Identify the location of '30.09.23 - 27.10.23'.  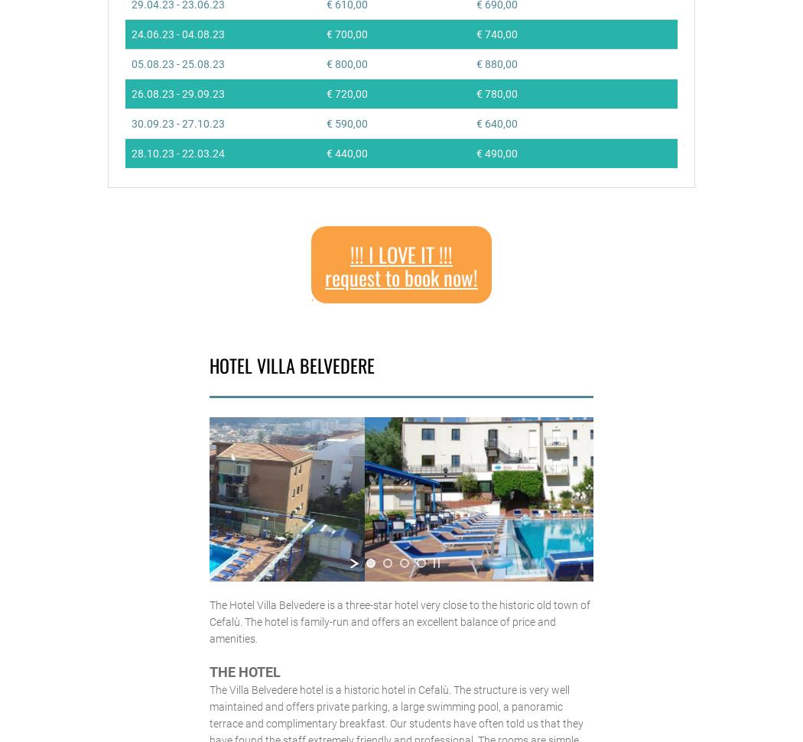
(177, 122).